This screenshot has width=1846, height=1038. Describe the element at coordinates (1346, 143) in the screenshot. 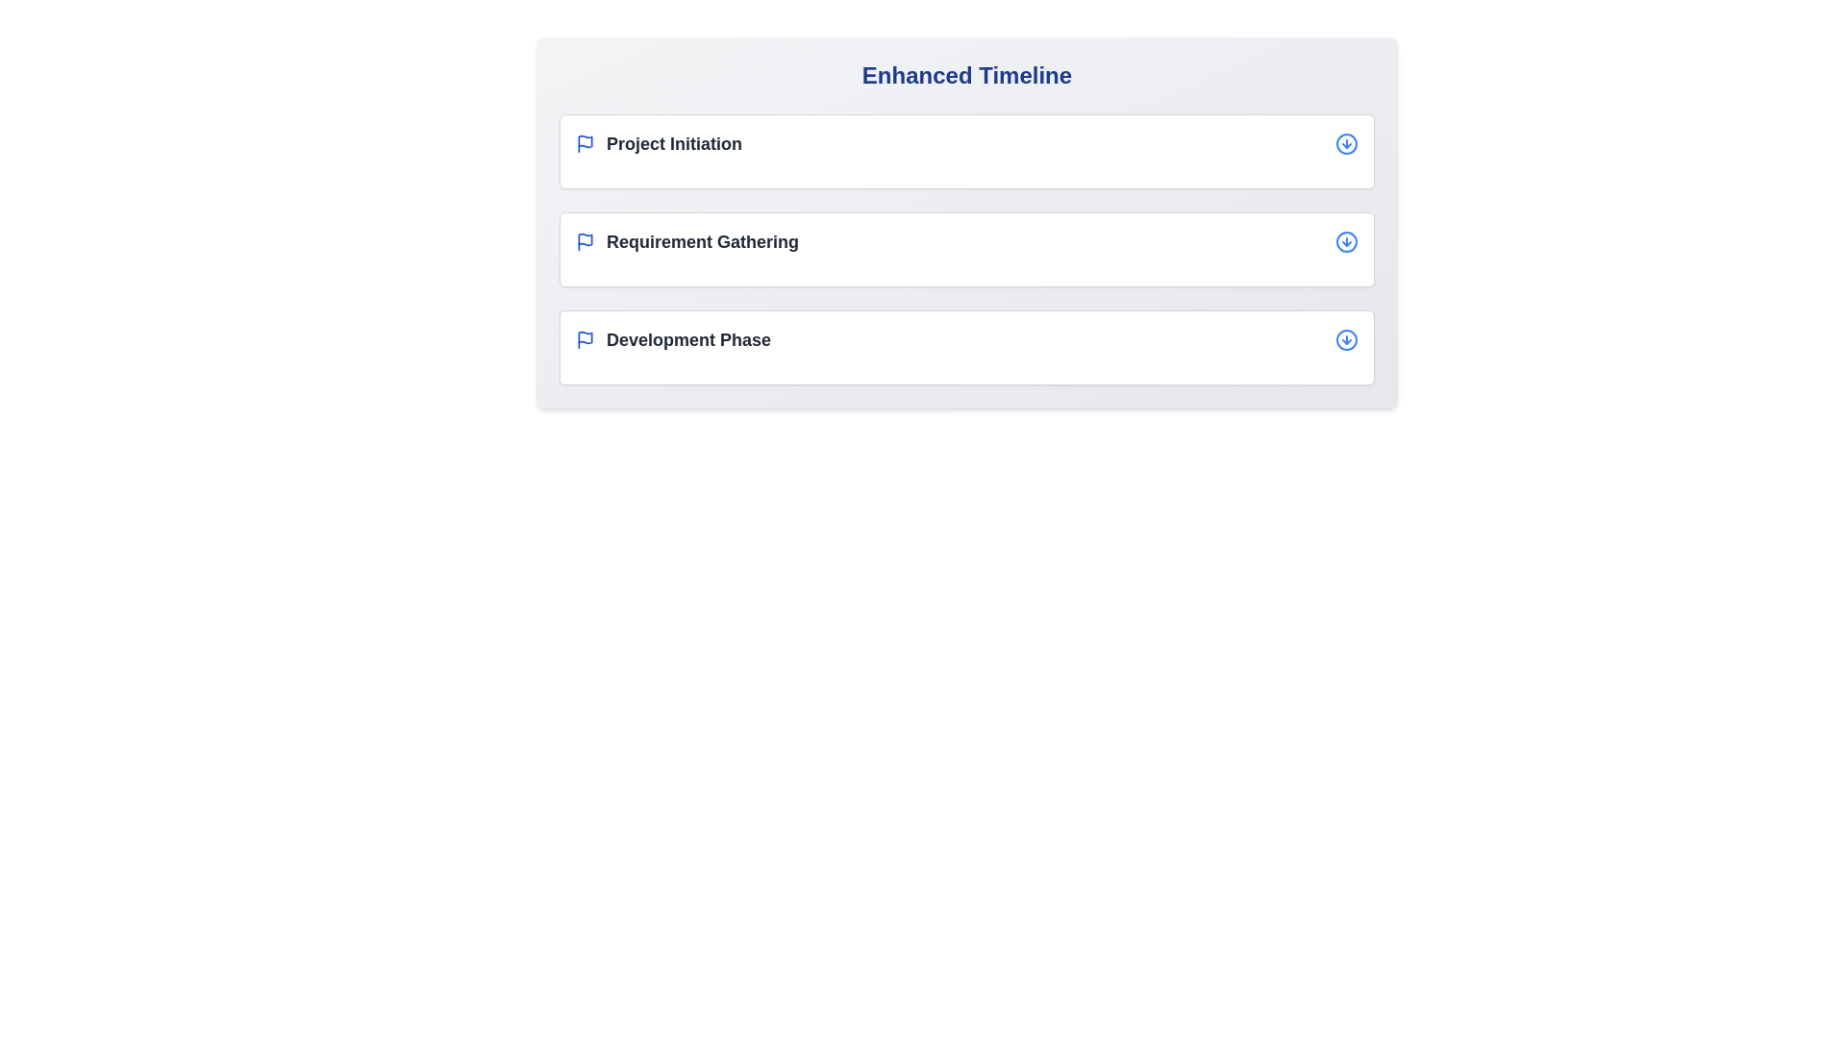

I see `the circle shape that enhances the downward arrow icon in the top-right corner of the first list item in the vertical timeline` at that location.